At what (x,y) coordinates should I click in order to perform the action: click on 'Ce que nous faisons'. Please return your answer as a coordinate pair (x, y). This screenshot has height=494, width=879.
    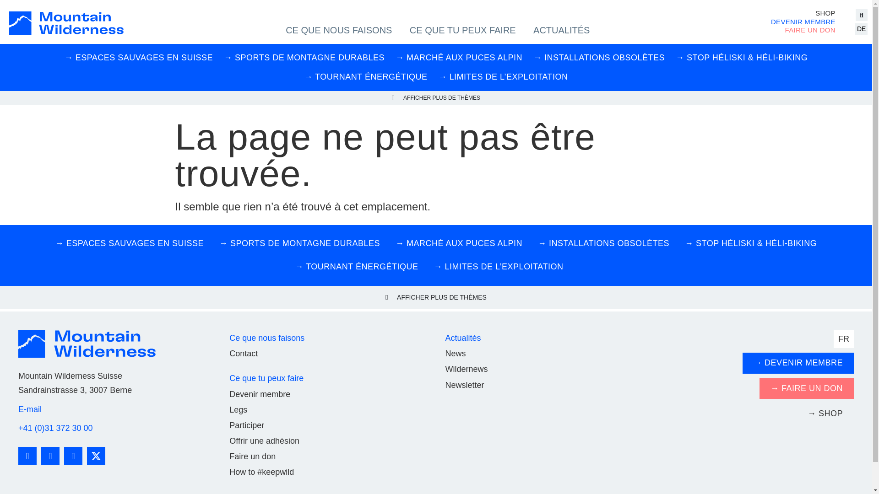
    Looking at the image, I should click on (266, 338).